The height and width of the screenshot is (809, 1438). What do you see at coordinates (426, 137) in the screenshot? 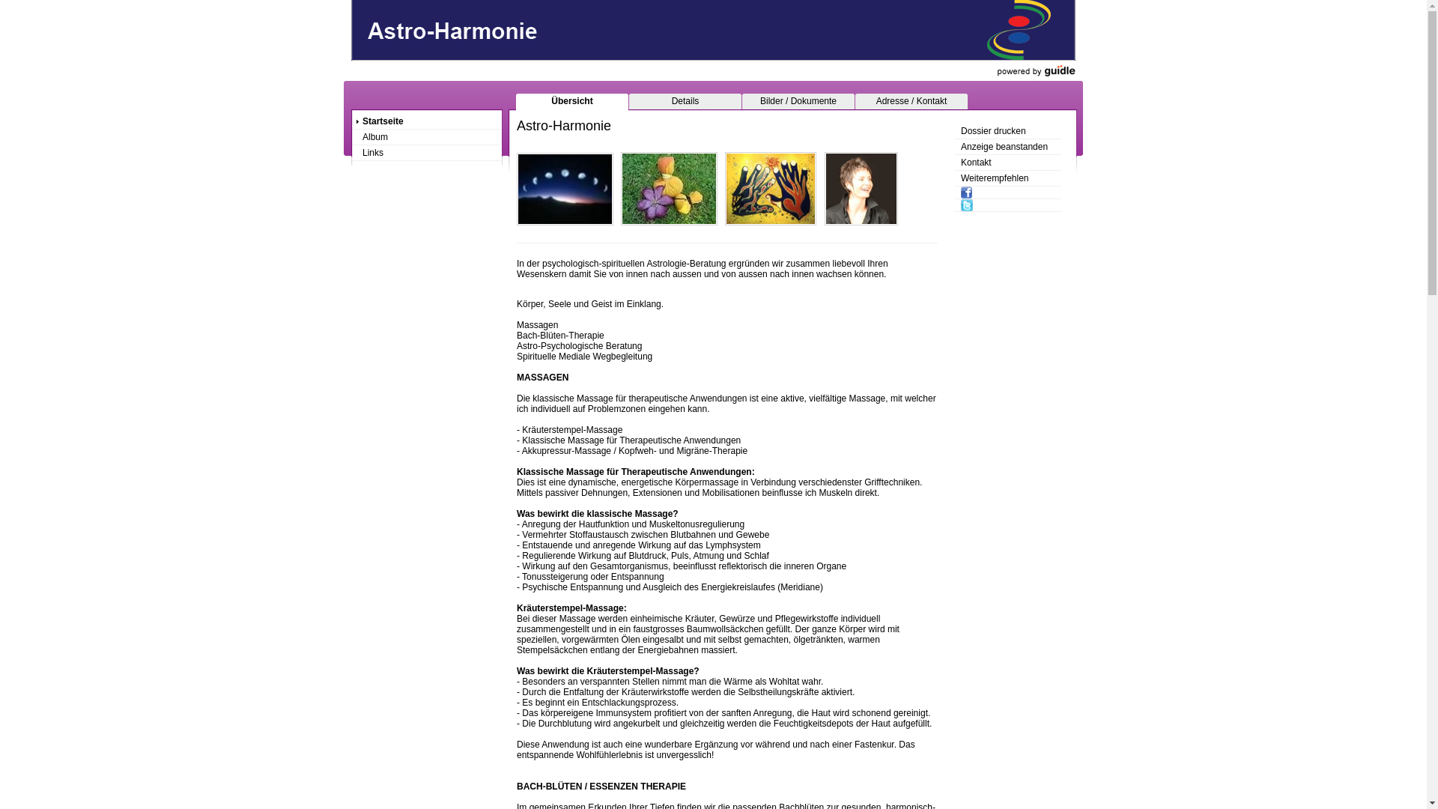
I see `'Album'` at bounding box center [426, 137].